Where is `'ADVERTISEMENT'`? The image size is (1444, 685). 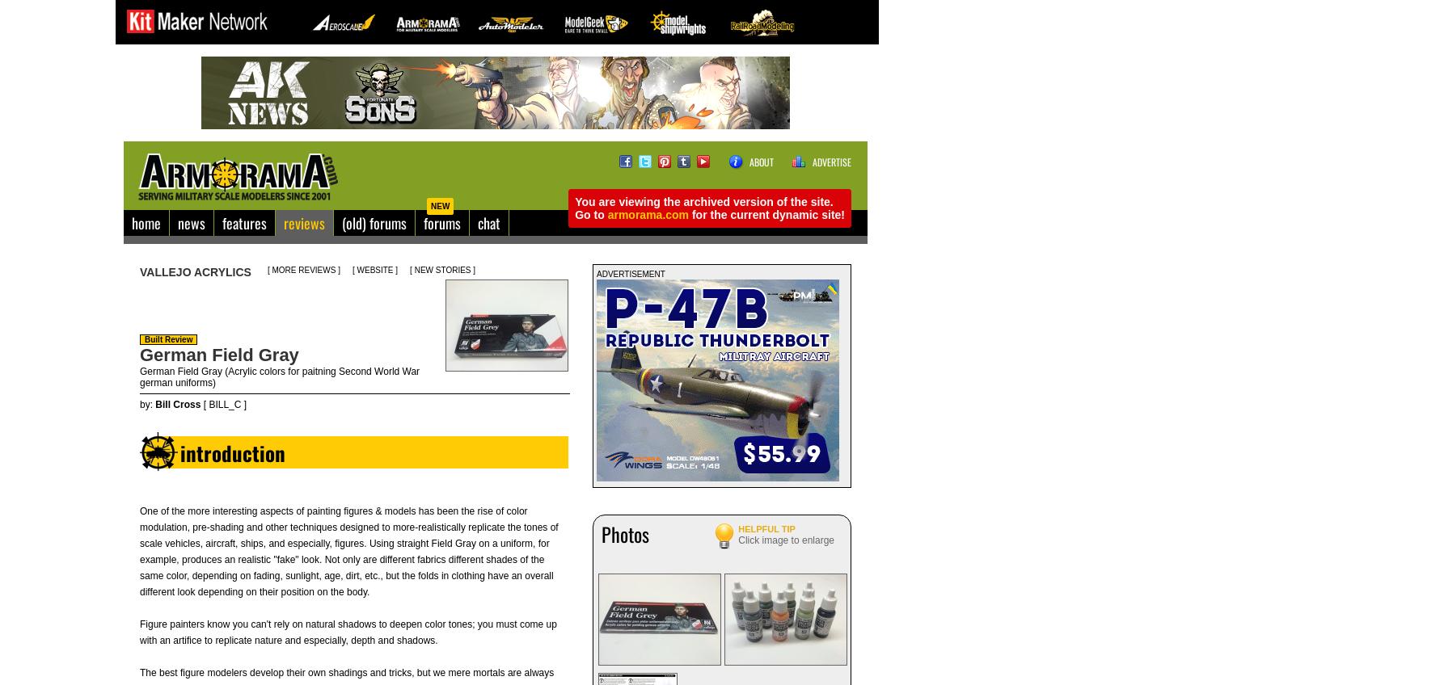
'ADVERTISEMENT' is located at coordinates (629, 273).